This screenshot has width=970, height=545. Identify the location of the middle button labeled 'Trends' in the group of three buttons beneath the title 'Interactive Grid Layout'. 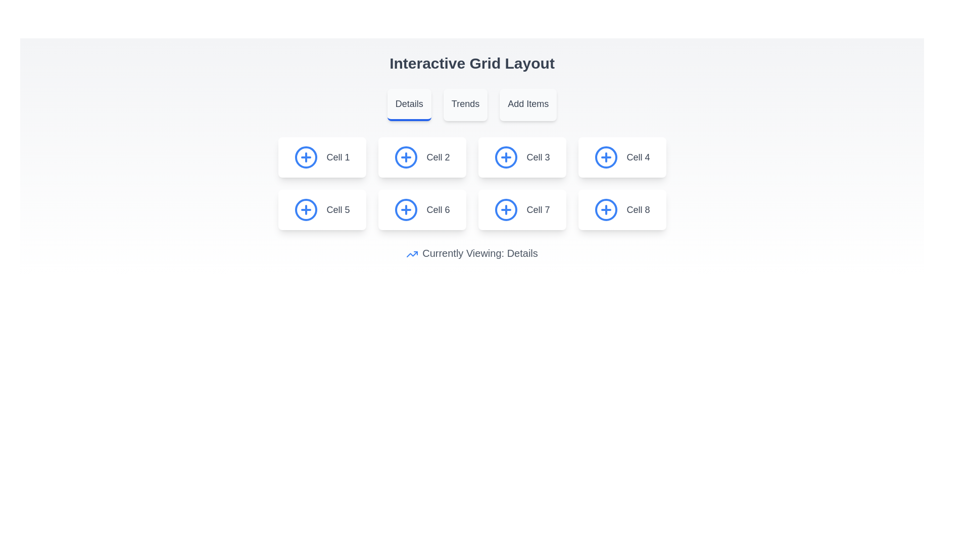
(471, 105).